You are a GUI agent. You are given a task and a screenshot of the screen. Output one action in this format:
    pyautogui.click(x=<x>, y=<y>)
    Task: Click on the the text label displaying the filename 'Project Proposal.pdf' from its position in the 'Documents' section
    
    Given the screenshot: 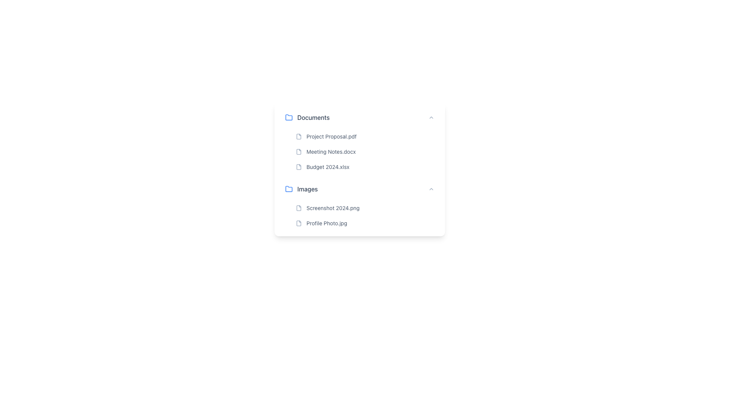 What is the action you would take?
    pyautogui.click(x=331, y=136)
    